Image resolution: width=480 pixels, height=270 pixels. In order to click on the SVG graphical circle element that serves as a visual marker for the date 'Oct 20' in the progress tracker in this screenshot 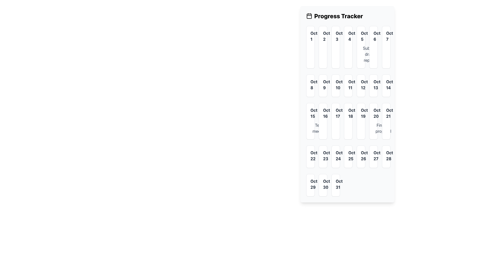, I will do `click(376, 128)`.